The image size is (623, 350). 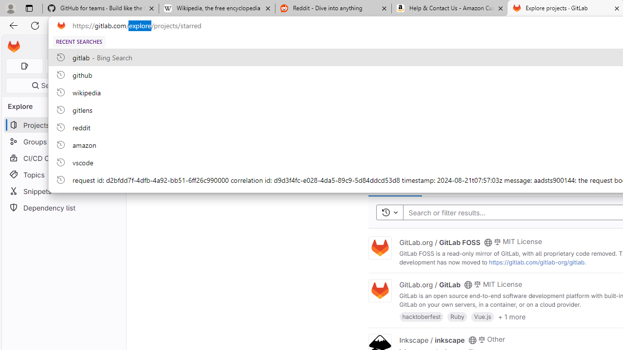 I want to click on 'Toggle history', so click(x=389, y=212).